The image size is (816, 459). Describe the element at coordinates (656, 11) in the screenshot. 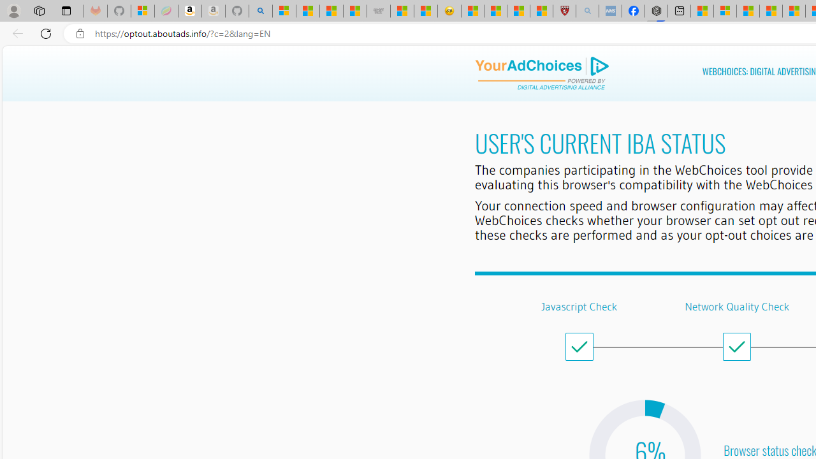

I see `'Nordace - Nordace Siena Is Not An Ordinary Backpack'` at that location.